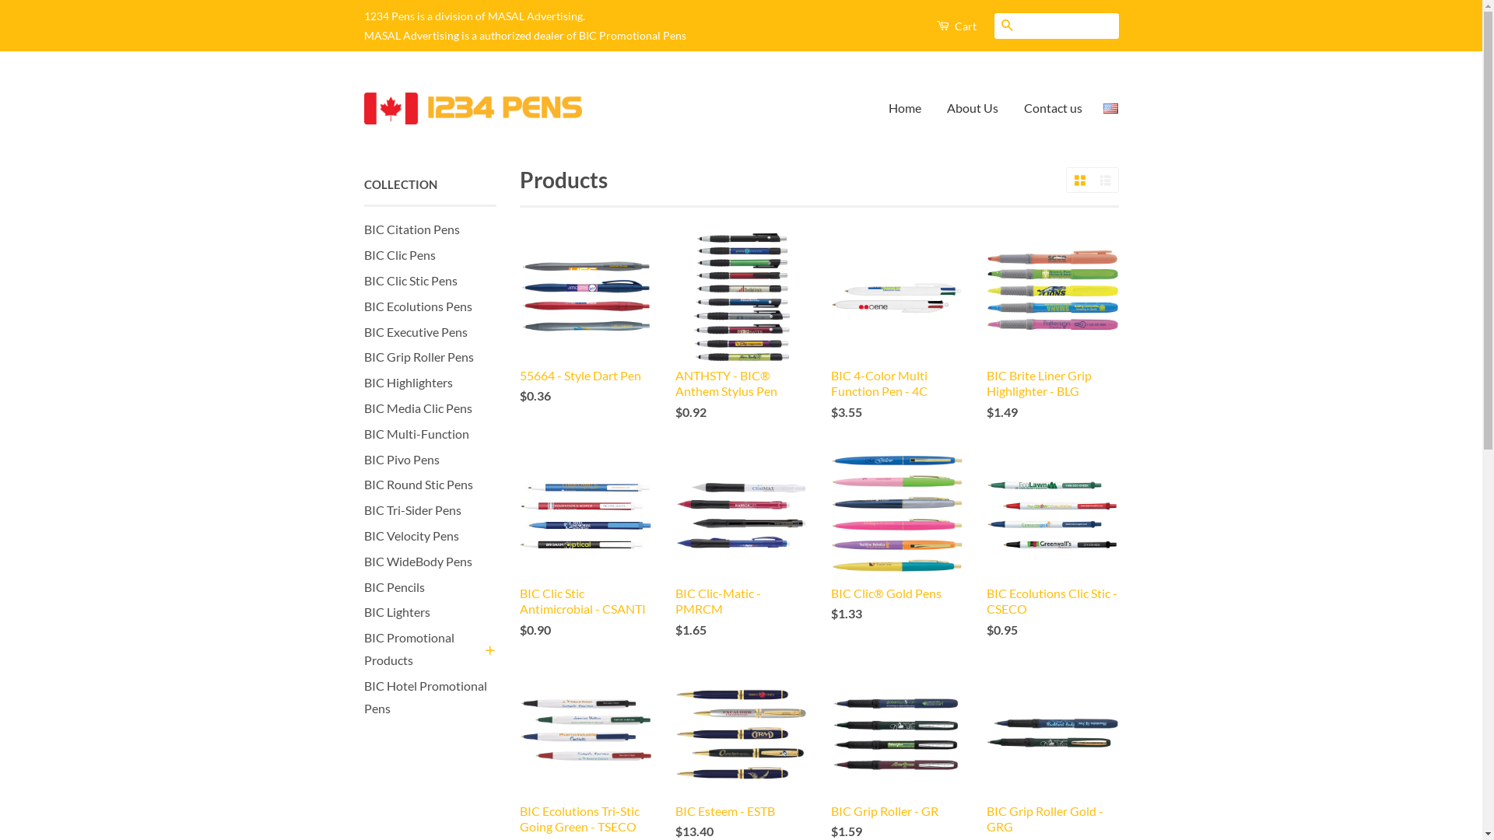 Image resolution: width=1494 pixels, height=840 pixels. I want to click on '+', so click(488, 649).